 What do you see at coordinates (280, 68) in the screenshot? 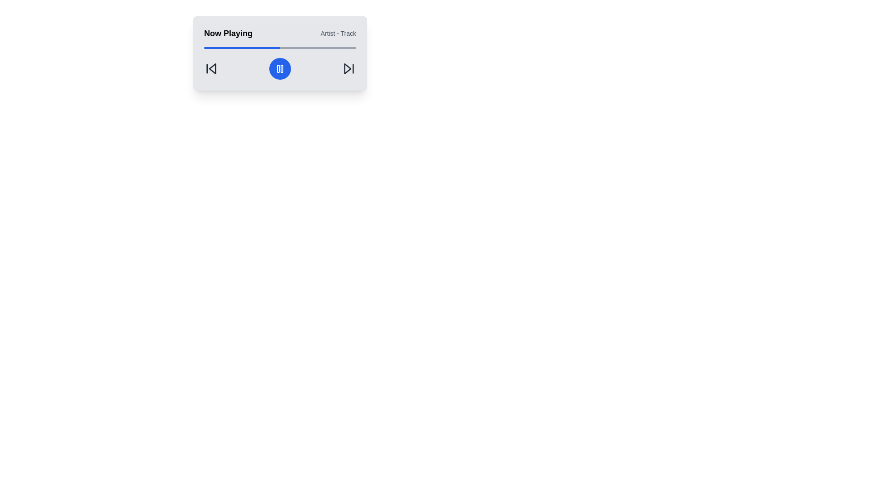
I see `the blue circular pause button with two vertical white bars` at bounding box center [280, 68].